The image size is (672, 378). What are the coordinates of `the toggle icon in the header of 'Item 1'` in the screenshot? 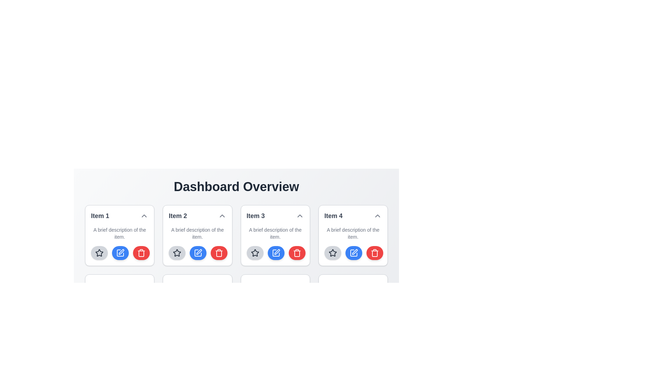 It's located at (144, 216).